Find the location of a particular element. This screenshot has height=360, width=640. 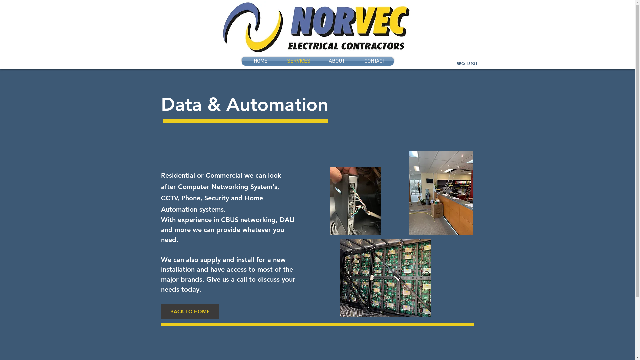

'BACK TO HOME' is located at coordinates (189, 311).